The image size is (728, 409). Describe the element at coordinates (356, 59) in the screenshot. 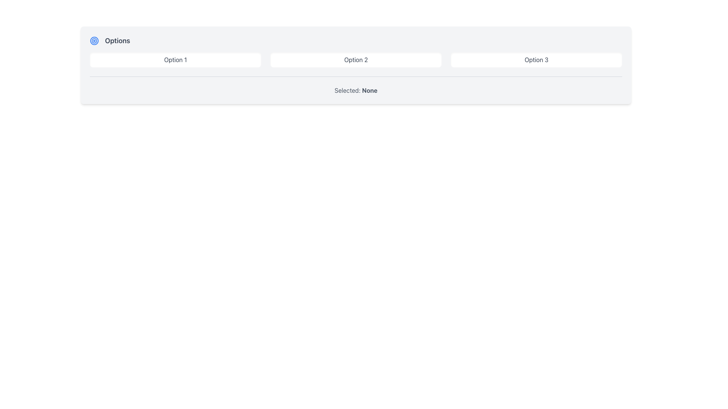

I see `the 'Option 2' button, which is a rectangular button with rounded corners and gray text` at that location.